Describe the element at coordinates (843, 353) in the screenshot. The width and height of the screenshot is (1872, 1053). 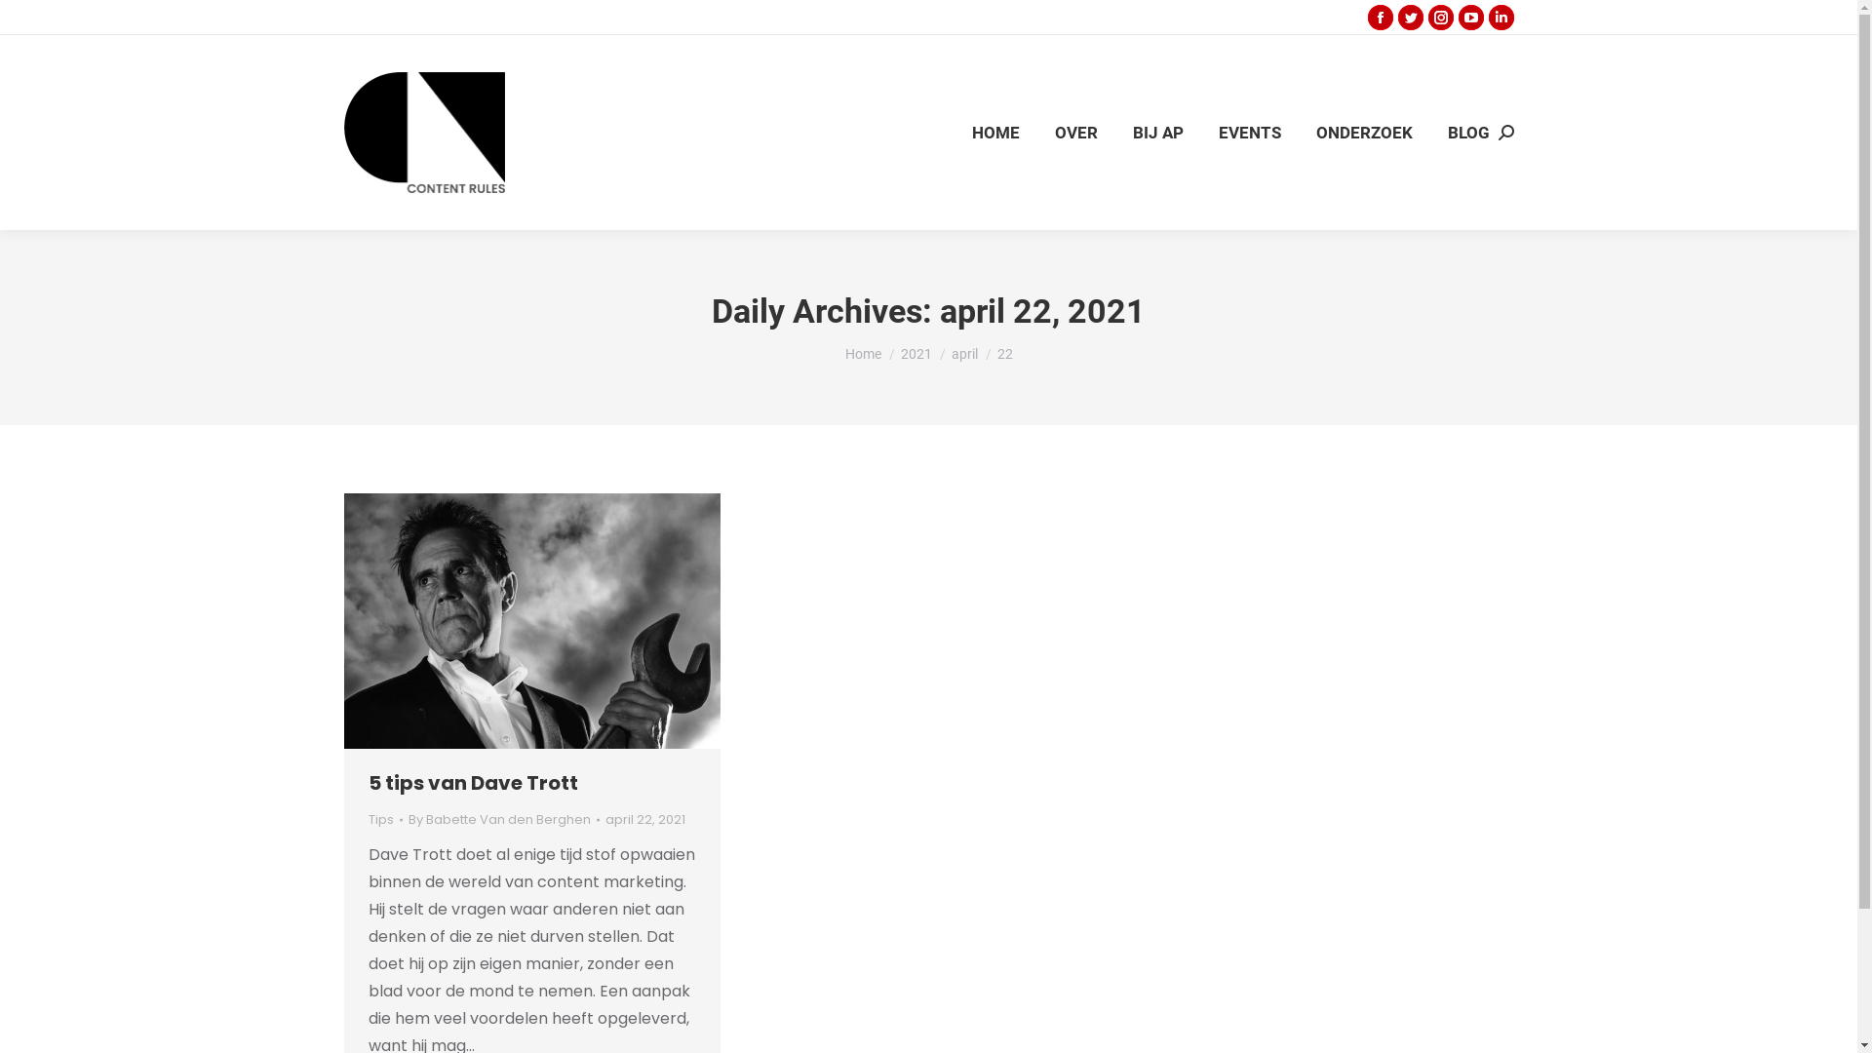
I see `'Home'` at that location.